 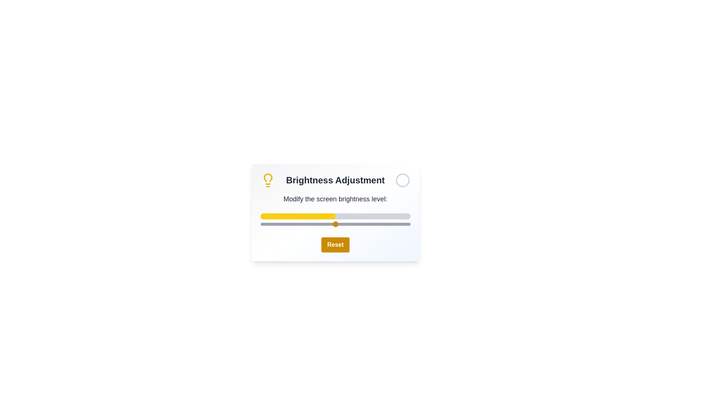 I want to click on Reset button to reset the brightness to its default value, so click(x=335, y=244).